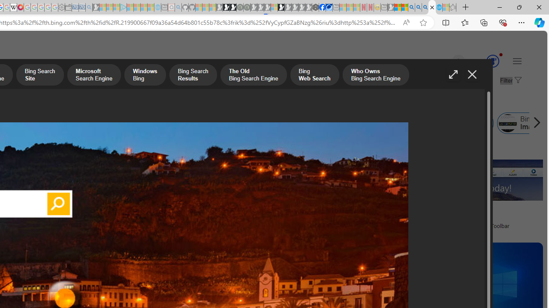 This screenshot has width=549, height=308. What do you see at coordinates (510, 81) in the screenshot?
I see `'Filter'` at bounding box center [510, 81].